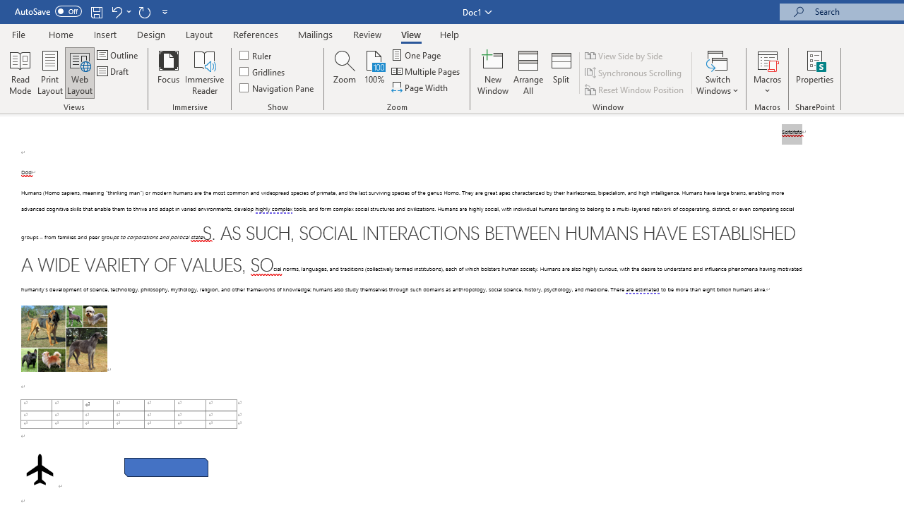 This screenshot has width=904, height=508. I want to click on 'Focus', so click(168, 73).